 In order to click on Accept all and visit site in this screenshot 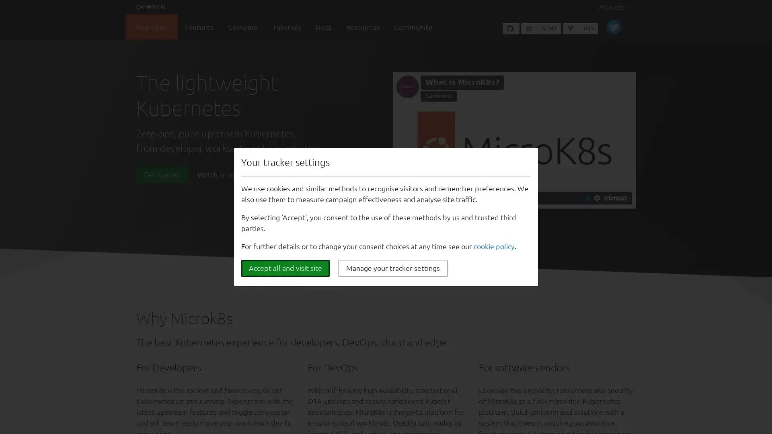, I will do `click(285, 268)`.